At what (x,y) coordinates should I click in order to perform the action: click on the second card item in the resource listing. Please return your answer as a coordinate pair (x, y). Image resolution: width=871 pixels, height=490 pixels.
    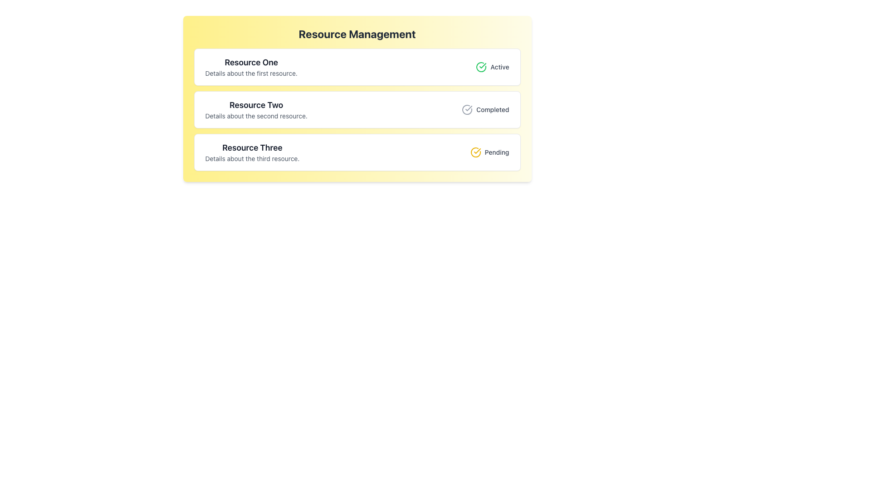
    Looking at the image, I should click on (357, 99).